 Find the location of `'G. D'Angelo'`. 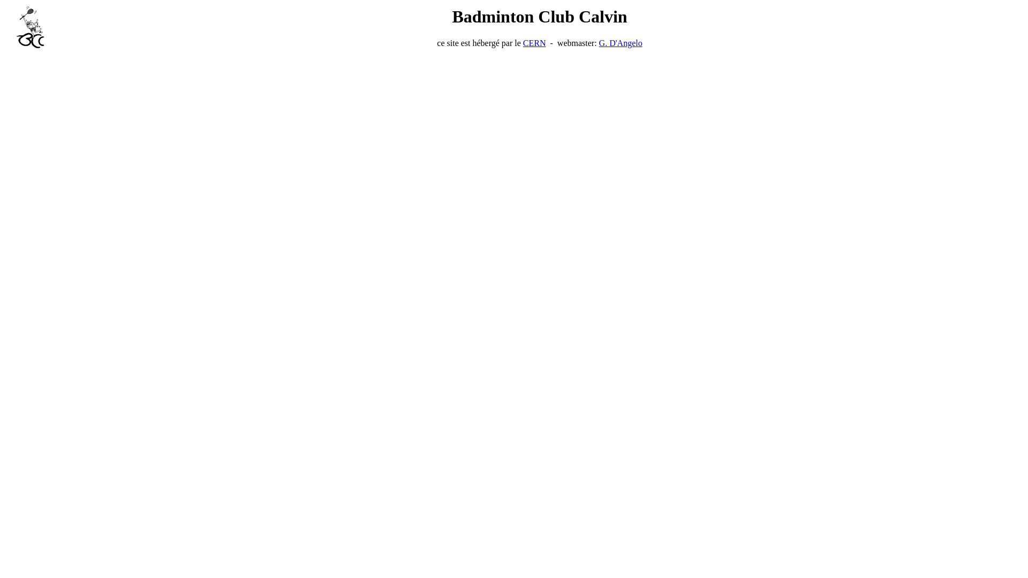

'G. D'Angelo' is located at coordinates (621, 42).